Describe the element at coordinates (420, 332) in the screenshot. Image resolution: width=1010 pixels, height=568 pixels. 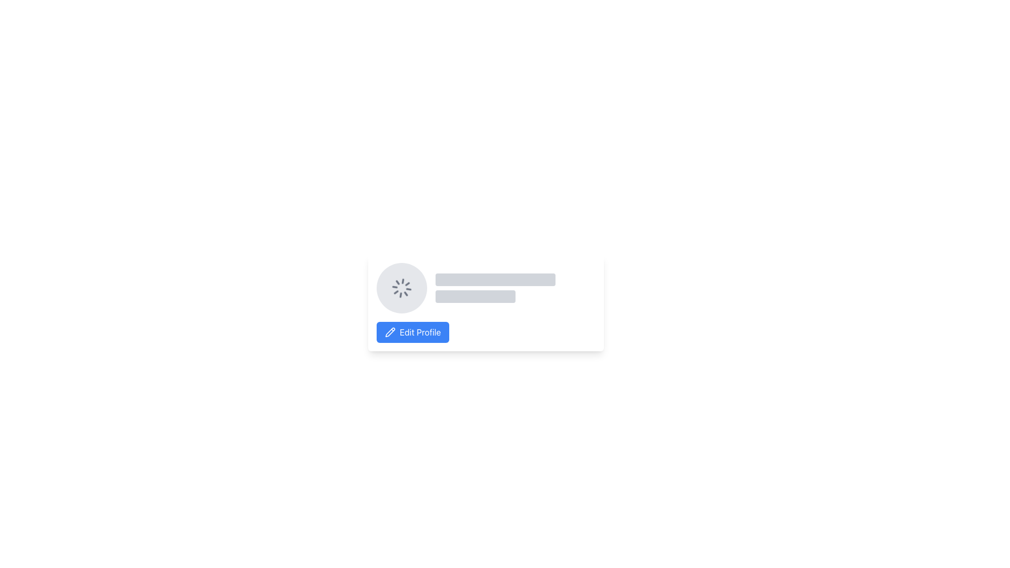
I see `the text content of the button labeled 'Edit Profile'` at that location.